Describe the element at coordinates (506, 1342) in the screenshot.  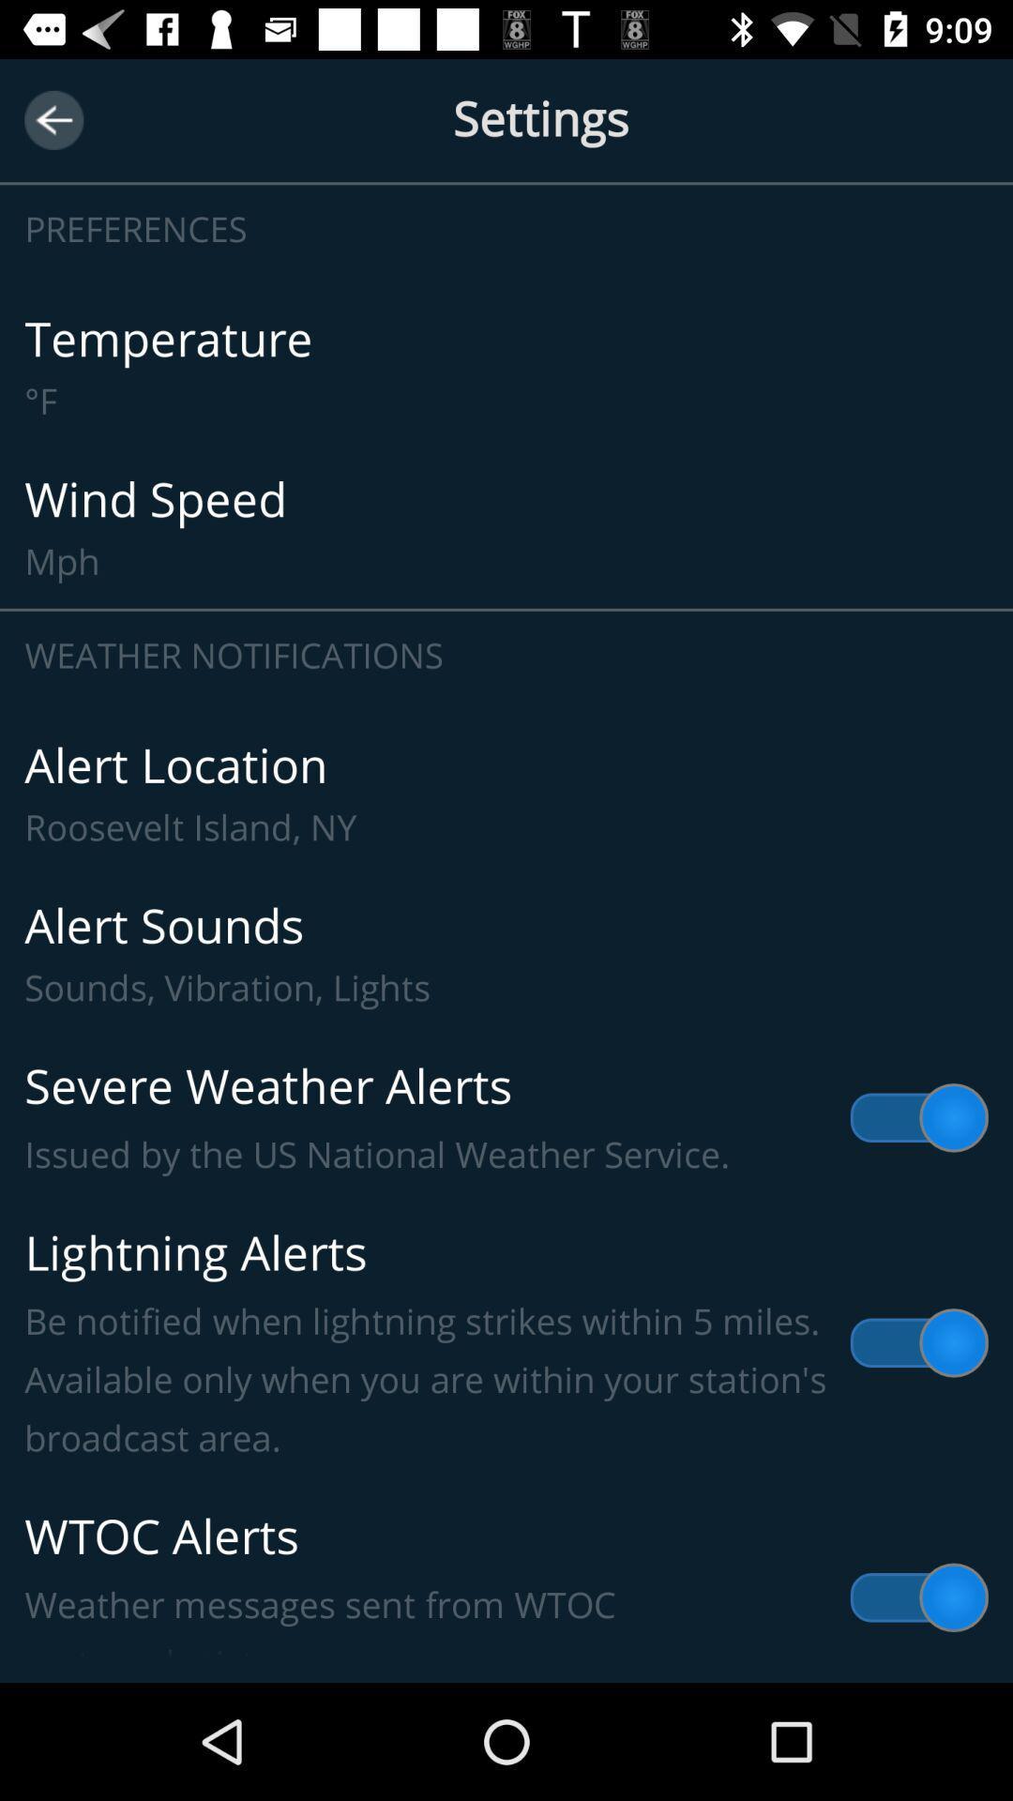
I see `icon below the severe weather alerts icon` at that location.